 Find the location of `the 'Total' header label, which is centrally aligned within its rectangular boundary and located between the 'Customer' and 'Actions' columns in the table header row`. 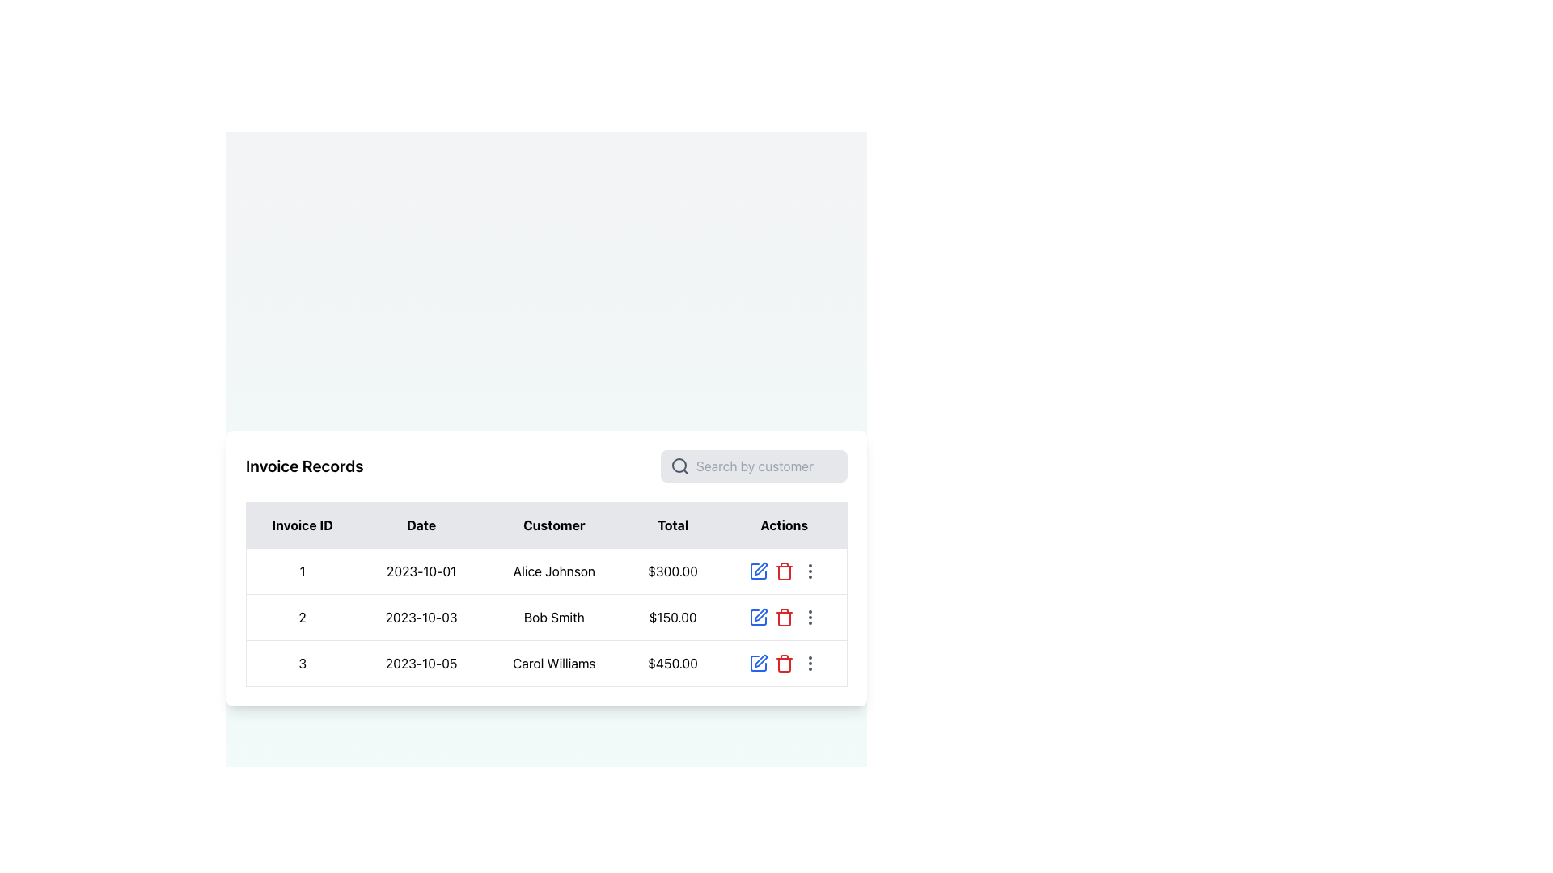

the 'Total' header label, which is centrally aligned within its rectangular boundary and located between the 'Customer' and 'Actions' columns in the table header row is located at coordinates (673, 525).